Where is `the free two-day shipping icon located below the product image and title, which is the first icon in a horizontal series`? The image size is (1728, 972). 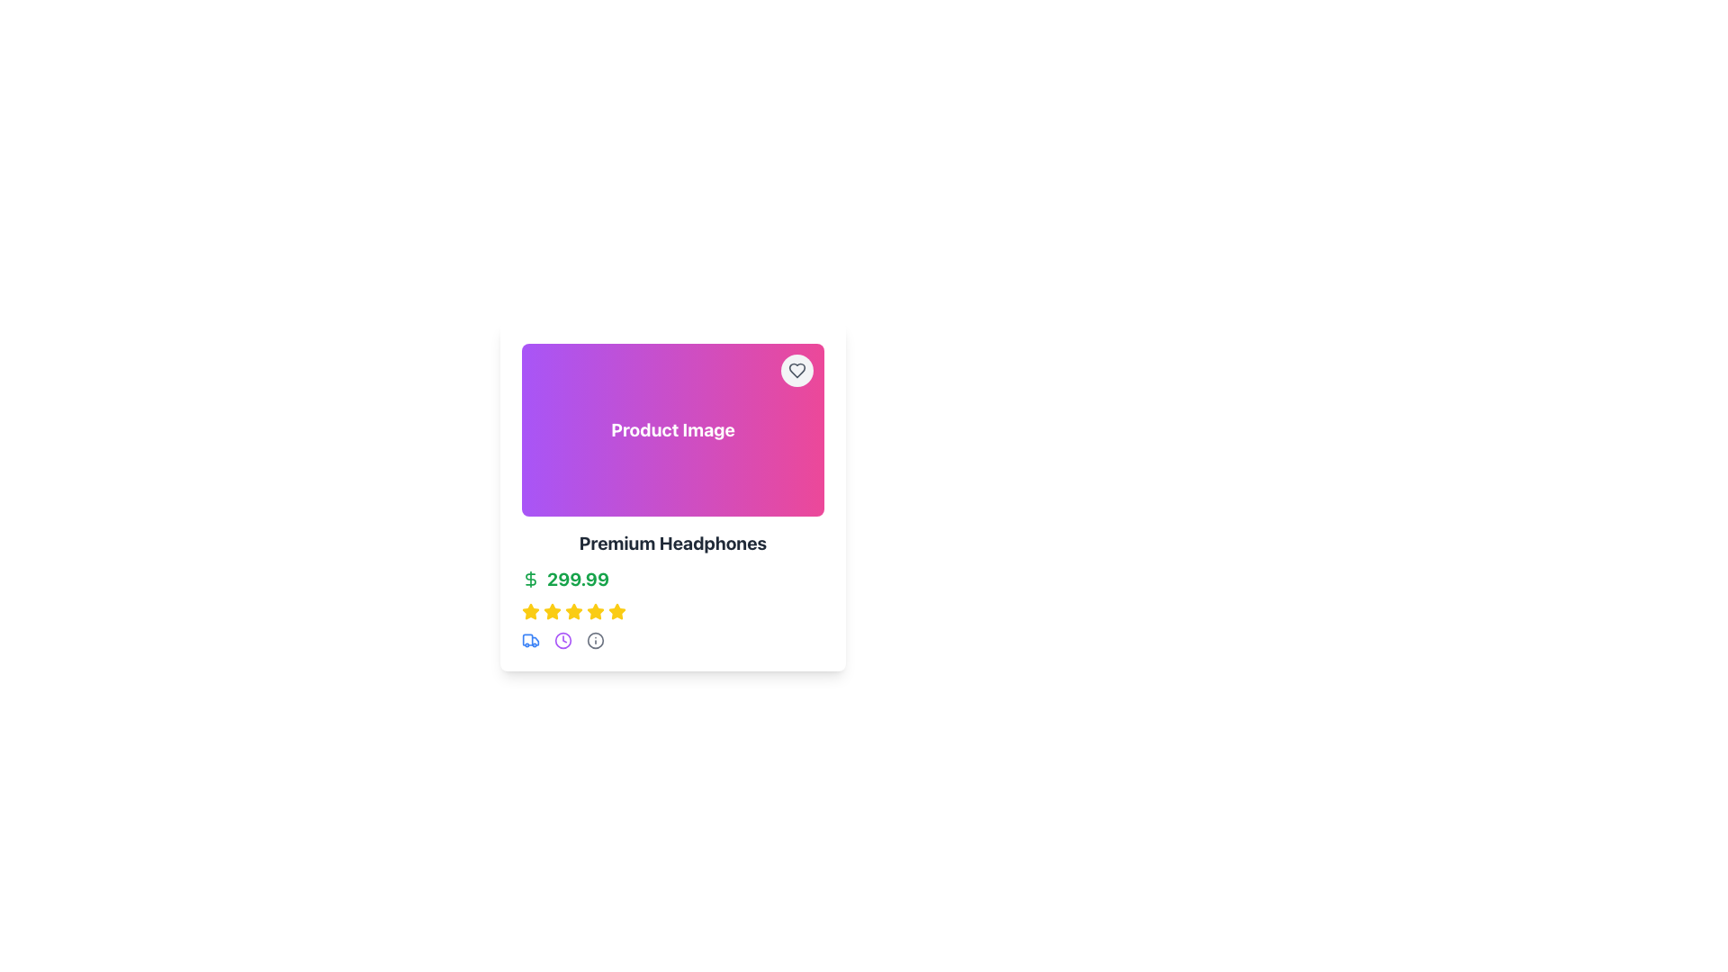 the free two-day shipping icon located below the product image and title, which is the first icon in a horizontal series is located at coordinates (530, 640).